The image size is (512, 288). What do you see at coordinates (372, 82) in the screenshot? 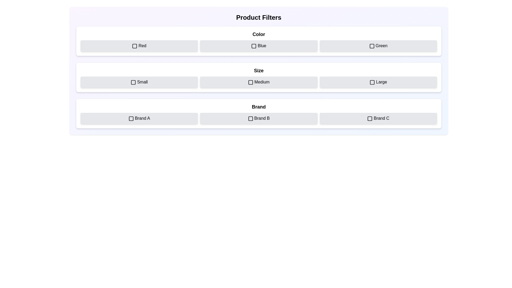
I see `the checkbox icon` at bounding box center [372, 82].